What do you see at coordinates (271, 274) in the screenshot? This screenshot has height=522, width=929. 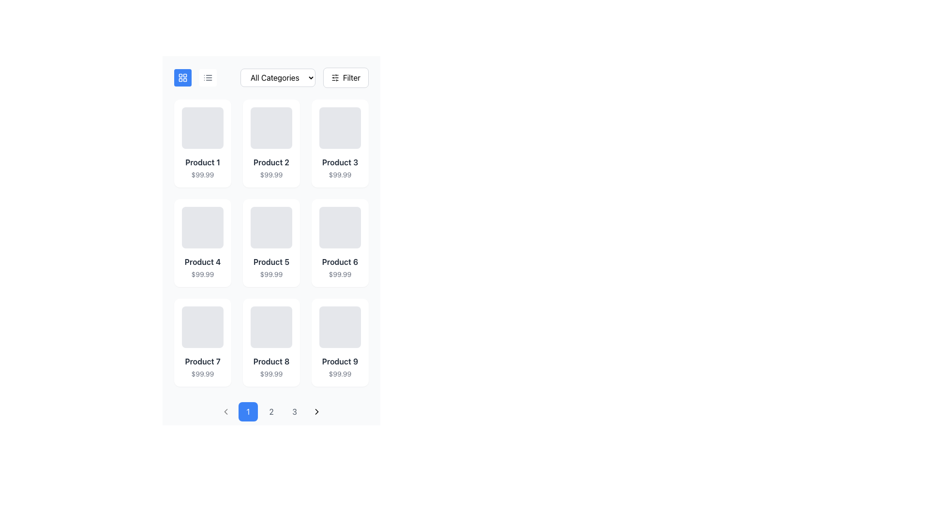 I see `the product's cost displayed` at bounding box center [271, 274].